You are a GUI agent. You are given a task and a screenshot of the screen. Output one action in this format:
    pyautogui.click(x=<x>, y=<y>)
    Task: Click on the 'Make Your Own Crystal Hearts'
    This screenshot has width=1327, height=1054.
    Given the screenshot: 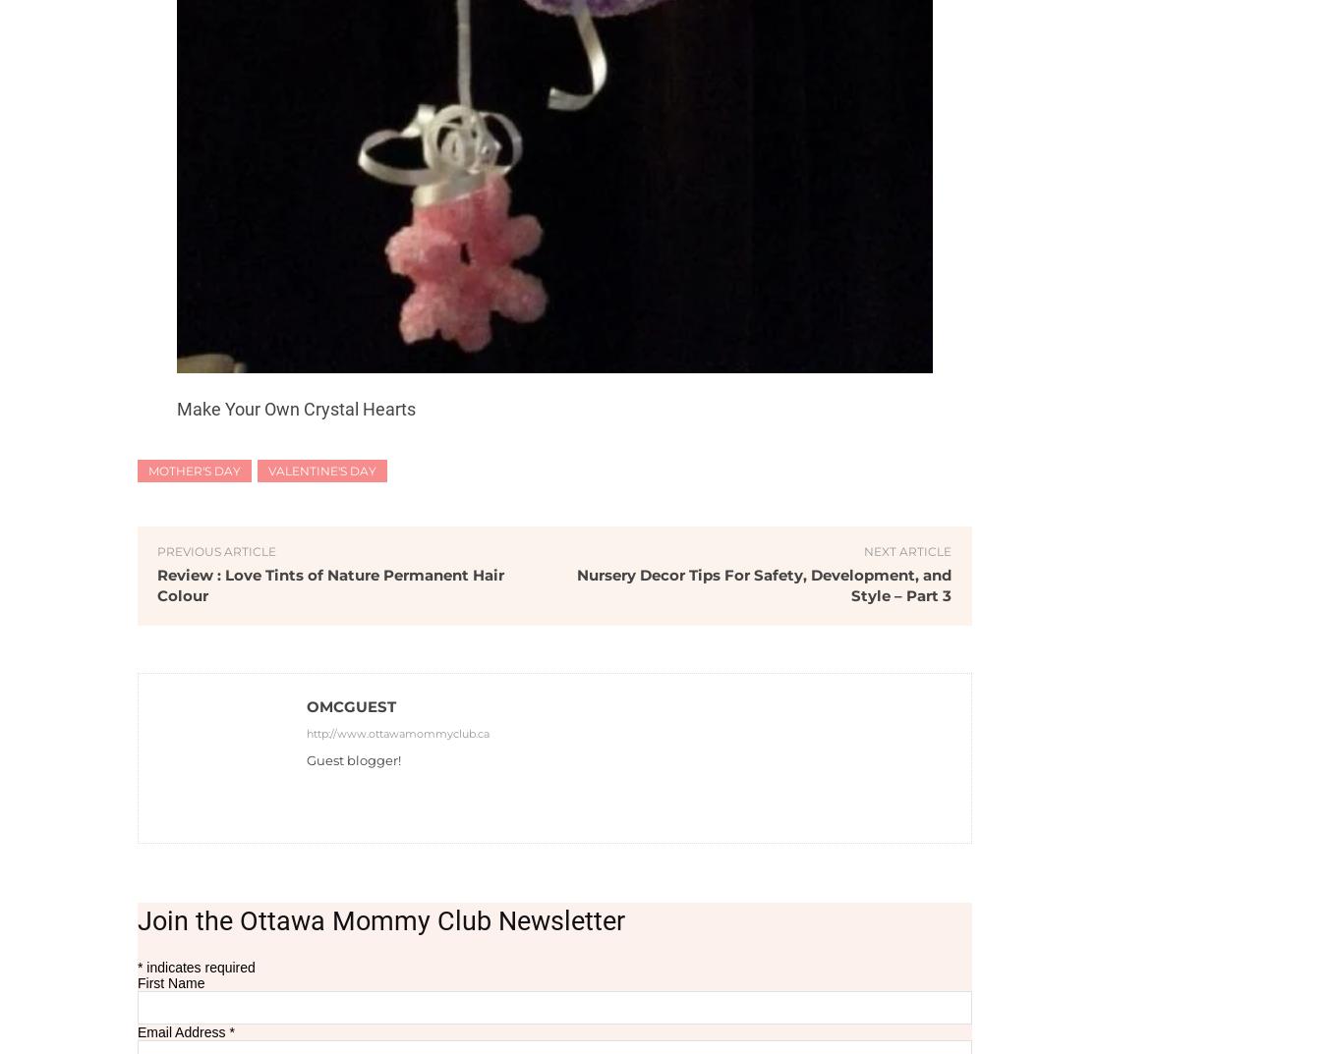 What is the action you would take?
    pyautogui.click(x=295, y=408)
    